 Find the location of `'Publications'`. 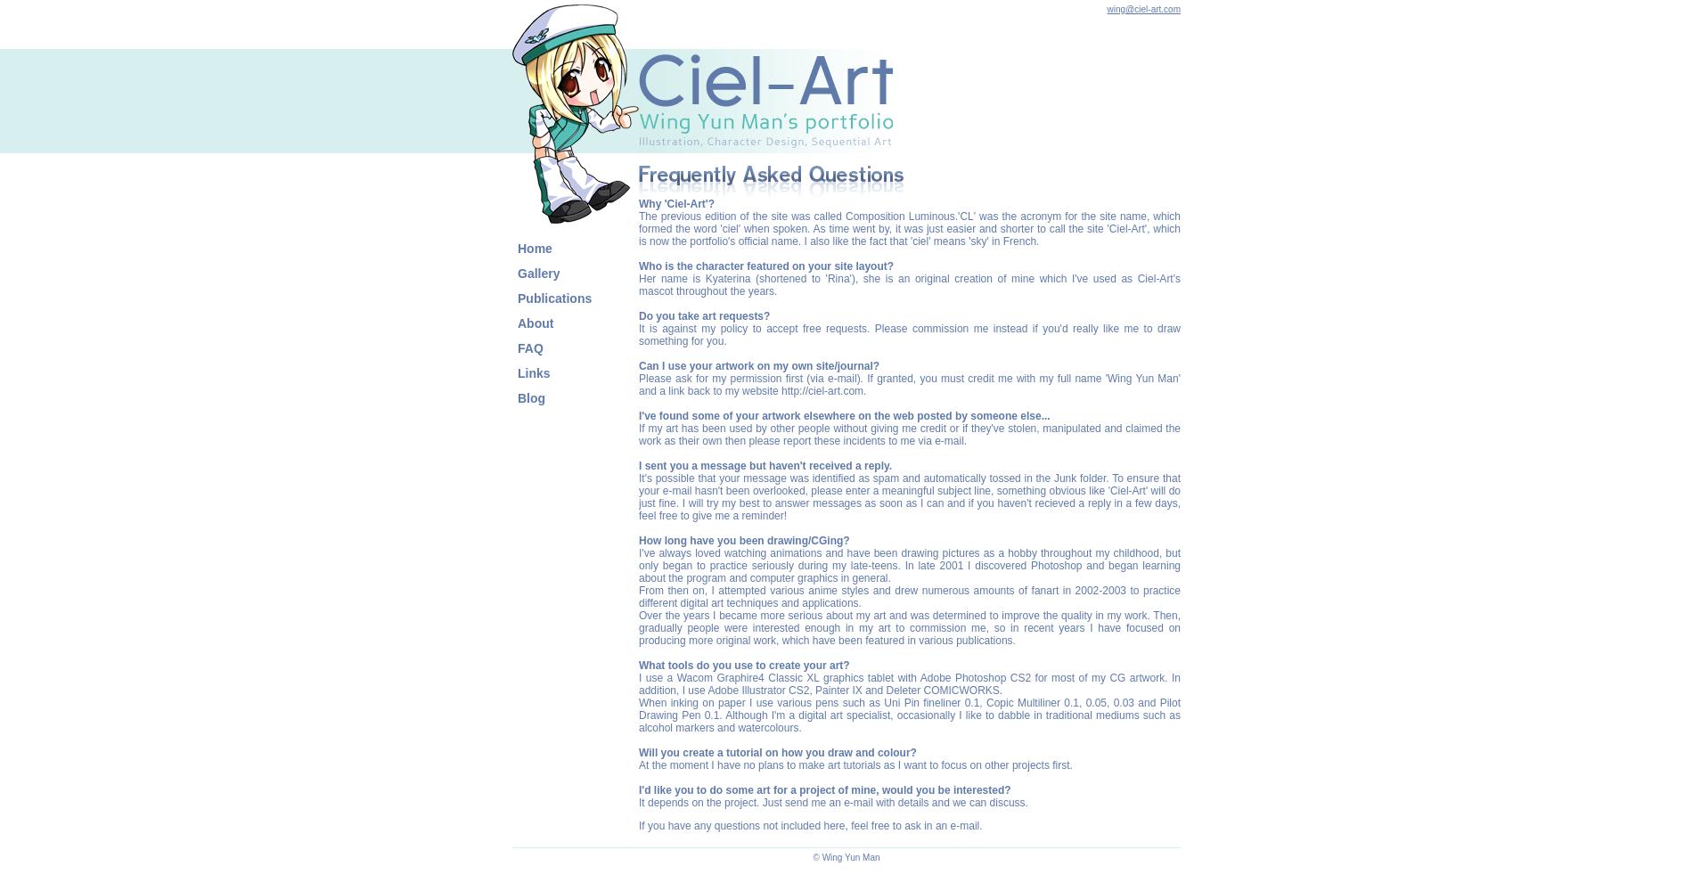

'Publications' is located at coordinates (554, 298).